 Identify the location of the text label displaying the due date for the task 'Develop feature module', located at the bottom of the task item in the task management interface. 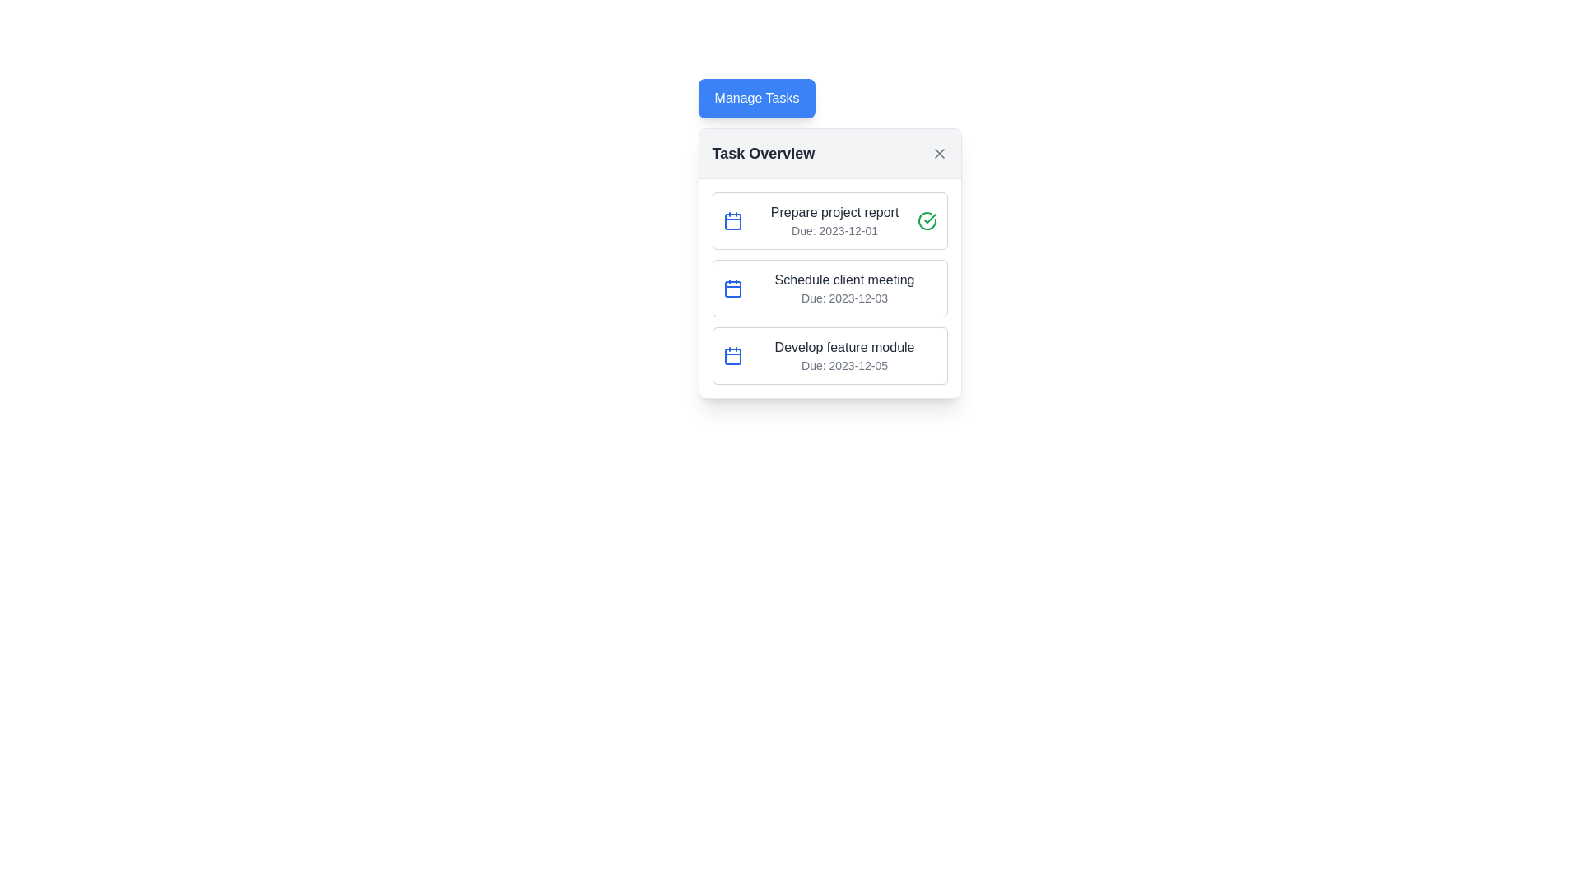
(844, 364).